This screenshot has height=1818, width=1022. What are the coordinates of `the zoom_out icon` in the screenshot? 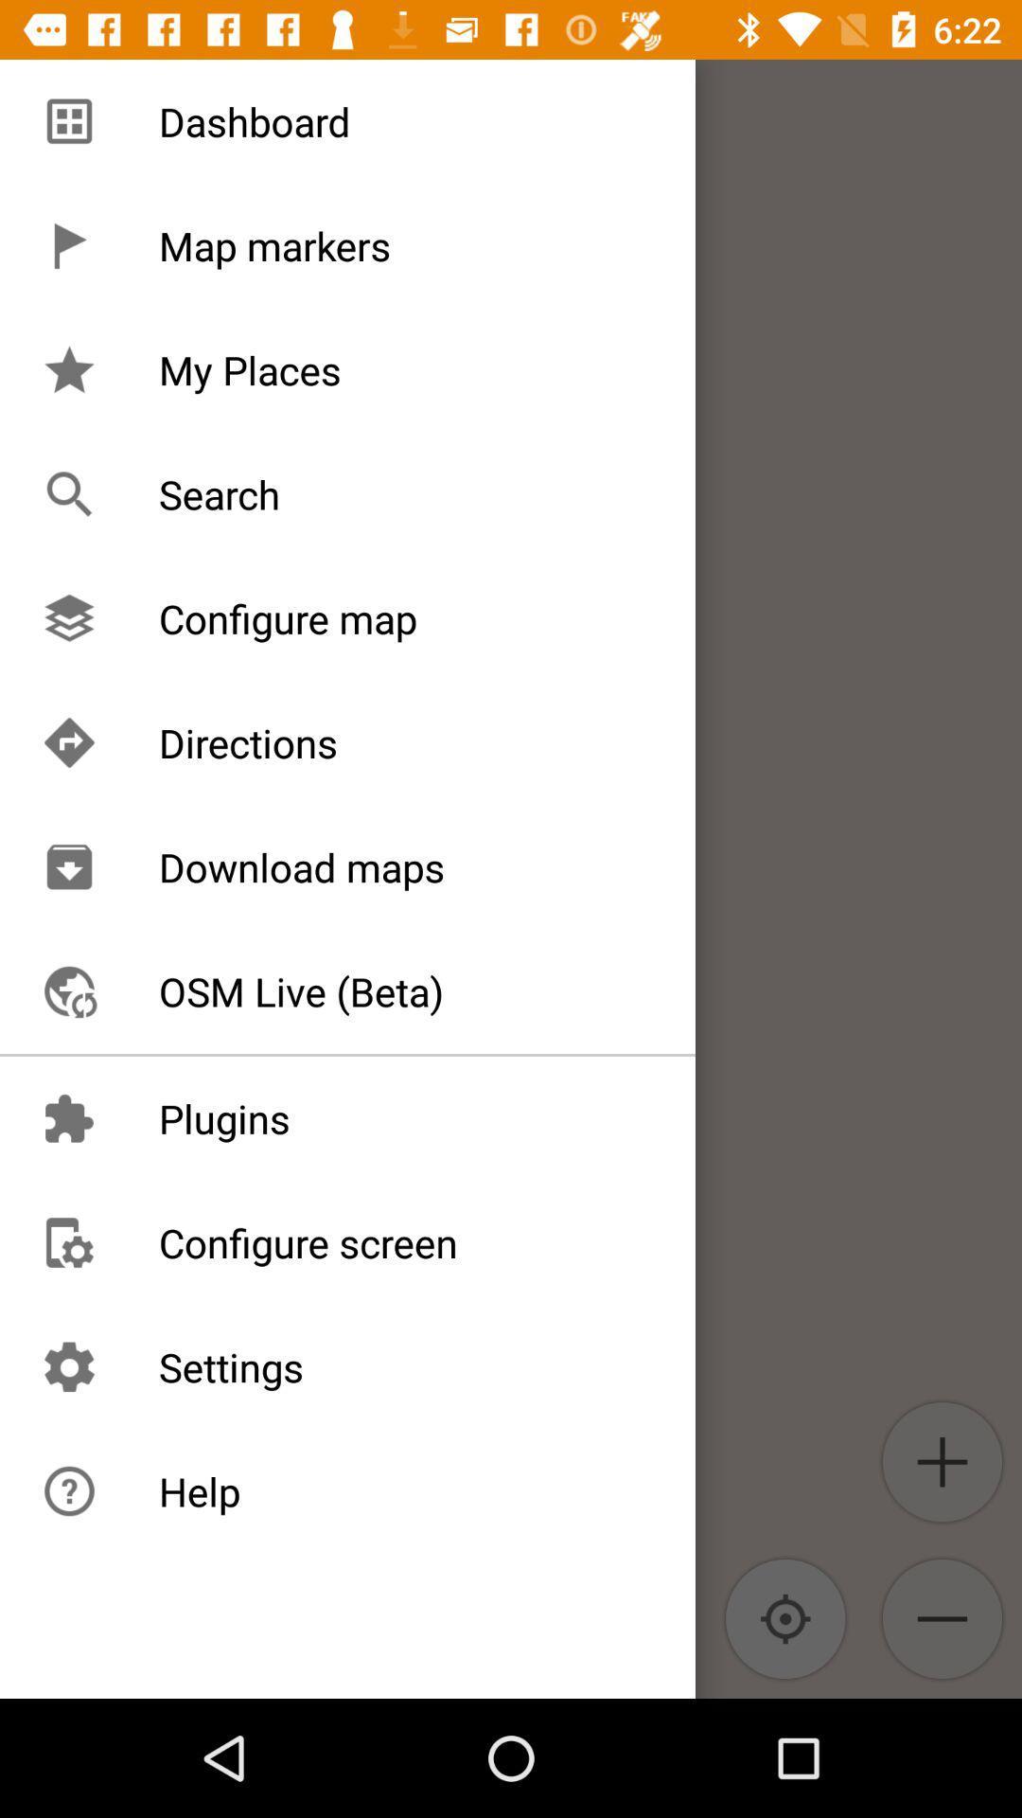 It's located at (942, 1617).